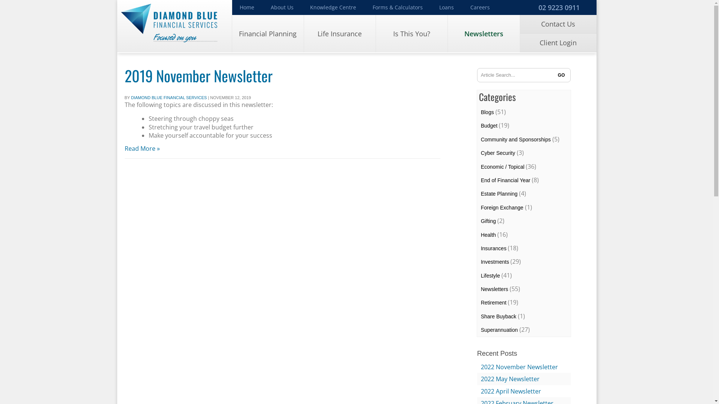 Image resolution: width=719 pixels, height=404 pixels. Describe the element at coordinates (502, 208) in the screenshot. I see `'Foreign Exchange'` at that location.